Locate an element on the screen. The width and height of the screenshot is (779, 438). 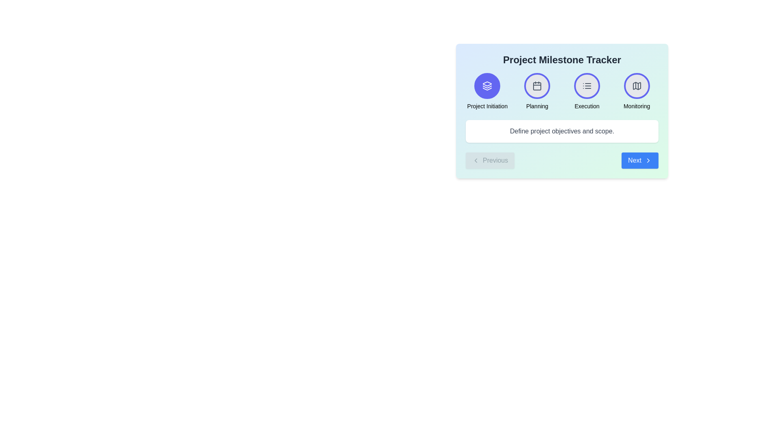
the circular icon with a list-like symbol inside, located is located at coordinates (587, 86).